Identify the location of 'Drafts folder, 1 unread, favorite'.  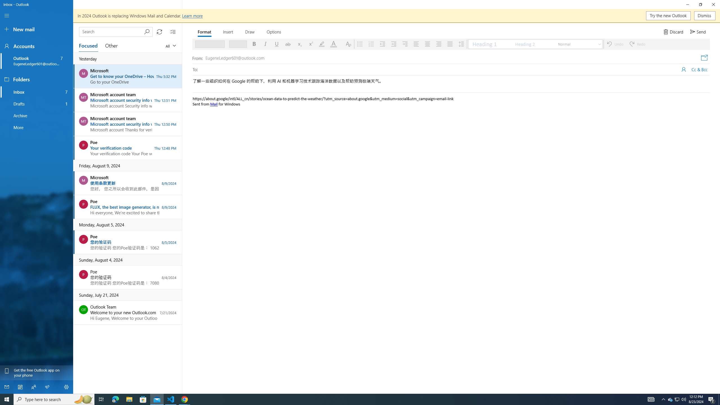
(37, 103).